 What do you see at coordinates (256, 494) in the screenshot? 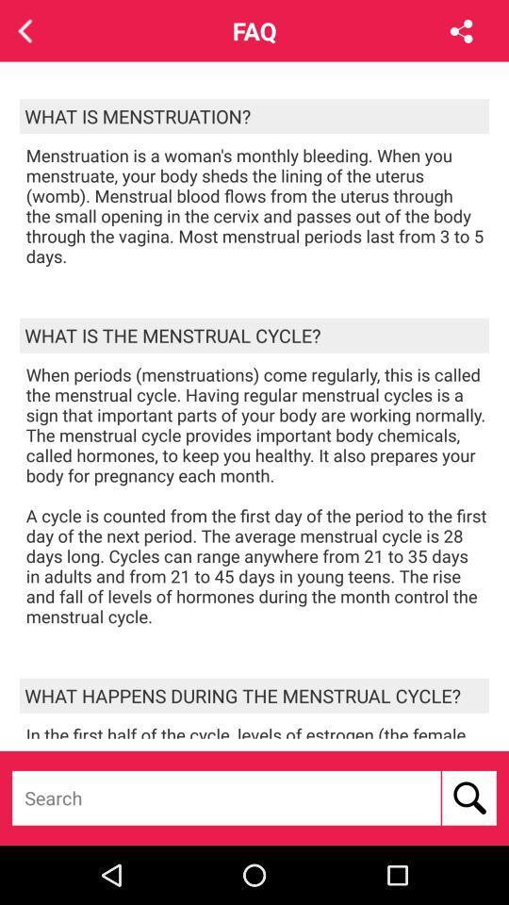
I see `when periods menstruations app` at bounding box center [256, 494].